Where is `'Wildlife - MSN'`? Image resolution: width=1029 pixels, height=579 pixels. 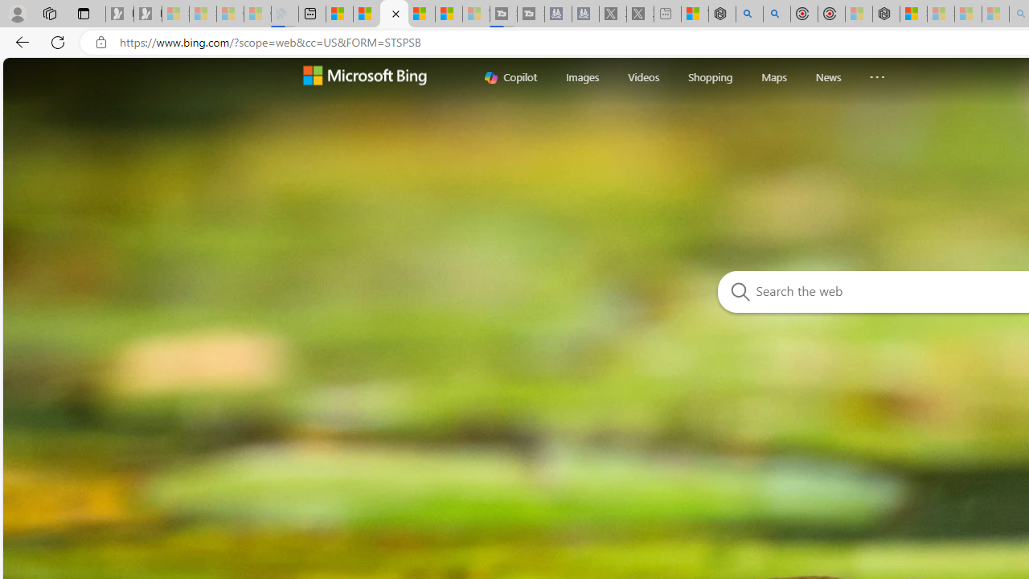 'Wildlife - MSN' is located at coordinates (695, 14).